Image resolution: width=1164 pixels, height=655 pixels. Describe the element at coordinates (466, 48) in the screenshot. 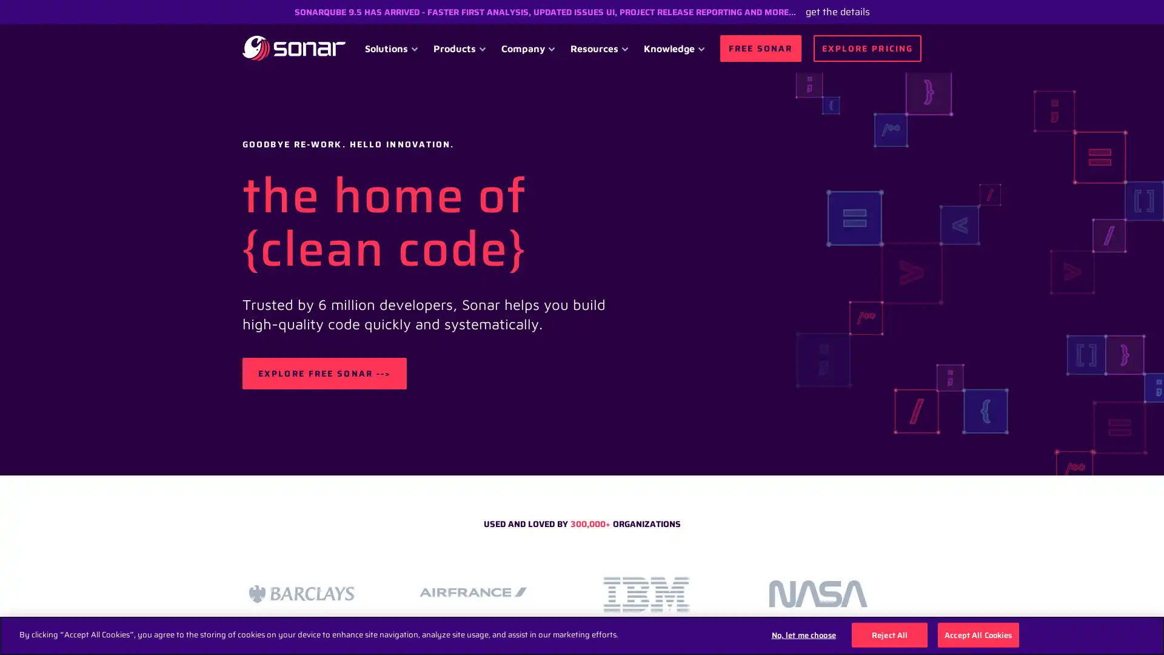

I see `Products` at that location.